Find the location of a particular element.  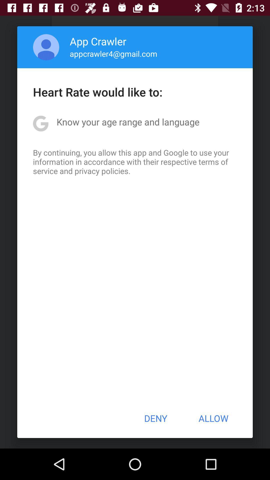

item above heart rate would is located at coordinates (46, 47).